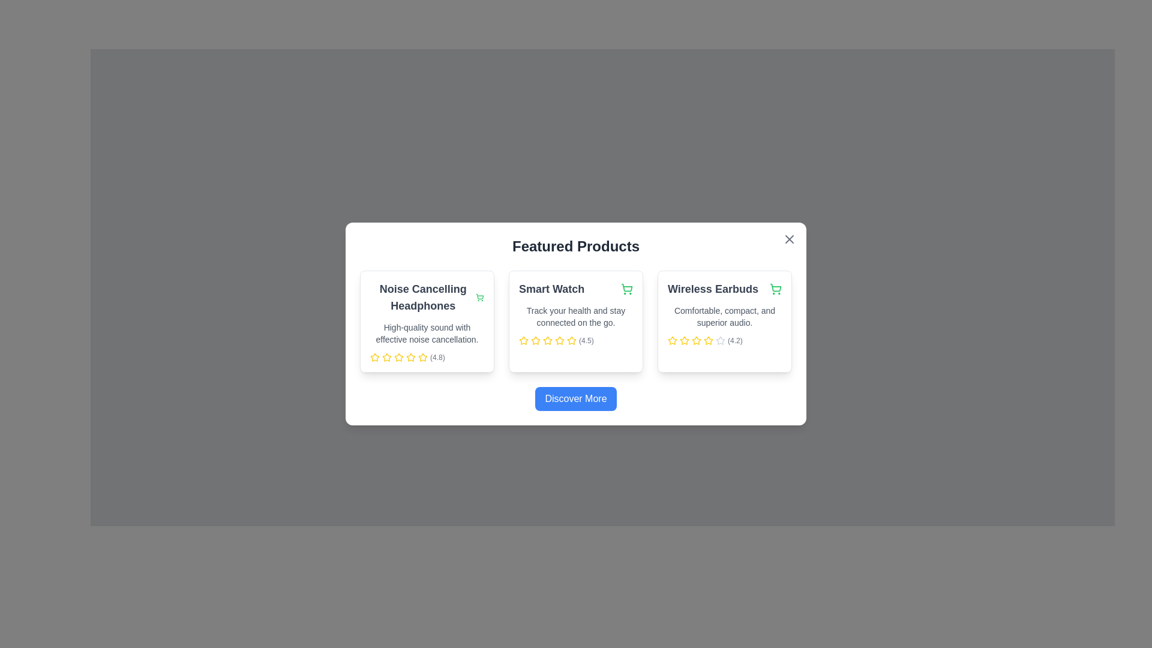  What do you see at coordinates (576, 398) in the screenshot?
I see `the call-to-action button located at the bottom center of the product grid for keyboard navigation` at bounding box center [576, 398].